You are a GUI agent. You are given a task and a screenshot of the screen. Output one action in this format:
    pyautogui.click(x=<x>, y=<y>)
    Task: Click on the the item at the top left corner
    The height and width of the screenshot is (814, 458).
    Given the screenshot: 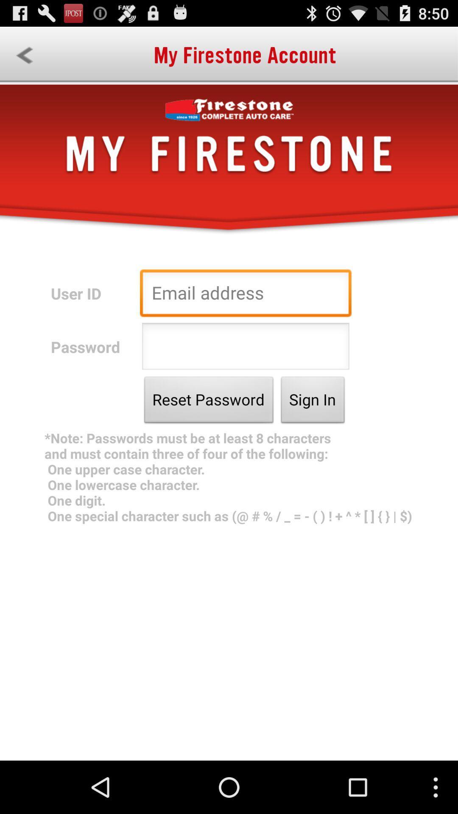 What is the action you would take?
    pyautogui.click(x=24, y=55)
    